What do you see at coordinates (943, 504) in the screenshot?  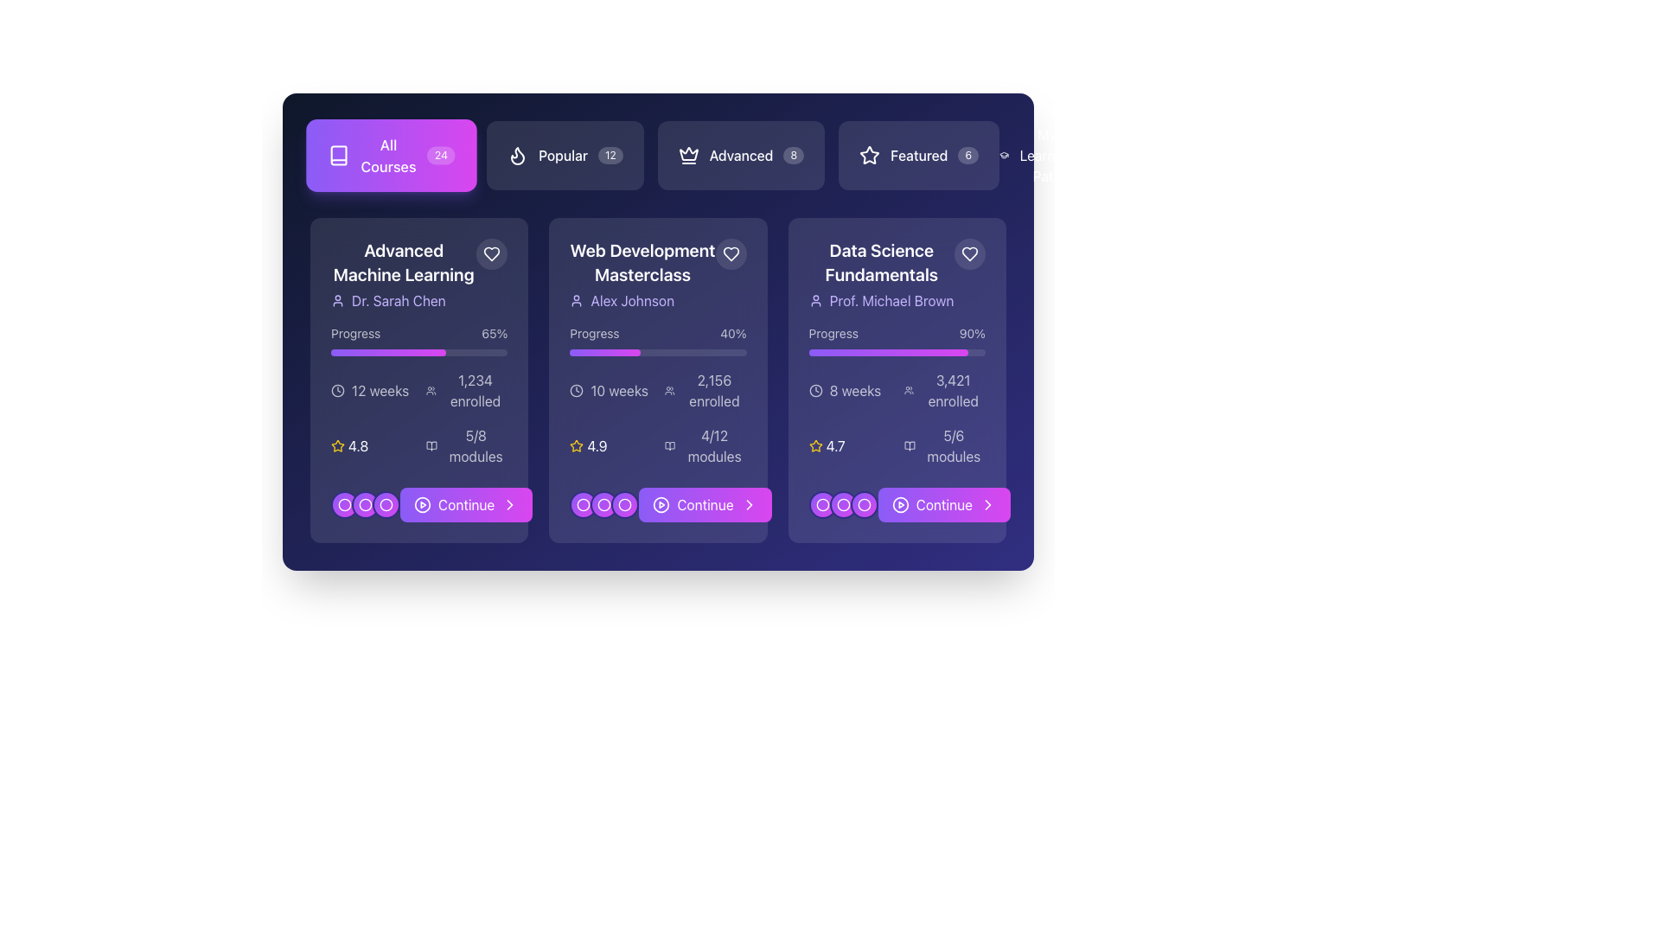 I see `the 'Continue' button located at the bottom of the 'Data Science Fundamentals' card to proceed` at bounding box center [943, 504].